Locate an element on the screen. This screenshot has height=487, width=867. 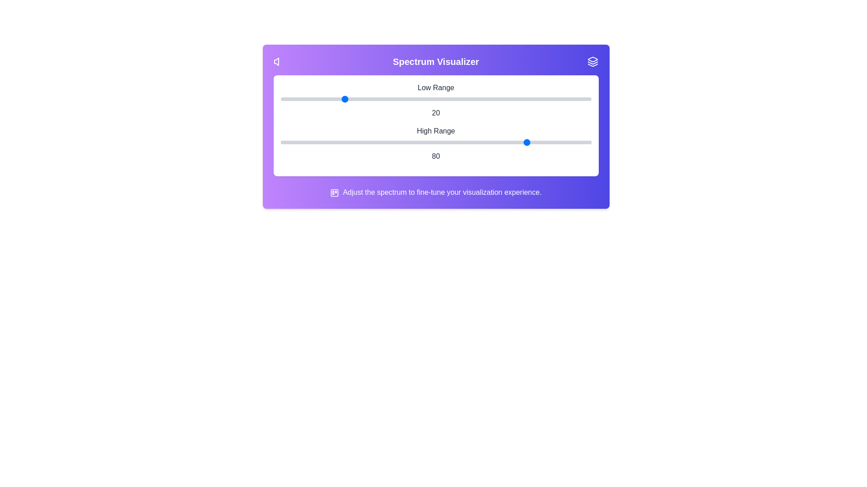
the high range slider to 37 is located at coordinates (396, 142).